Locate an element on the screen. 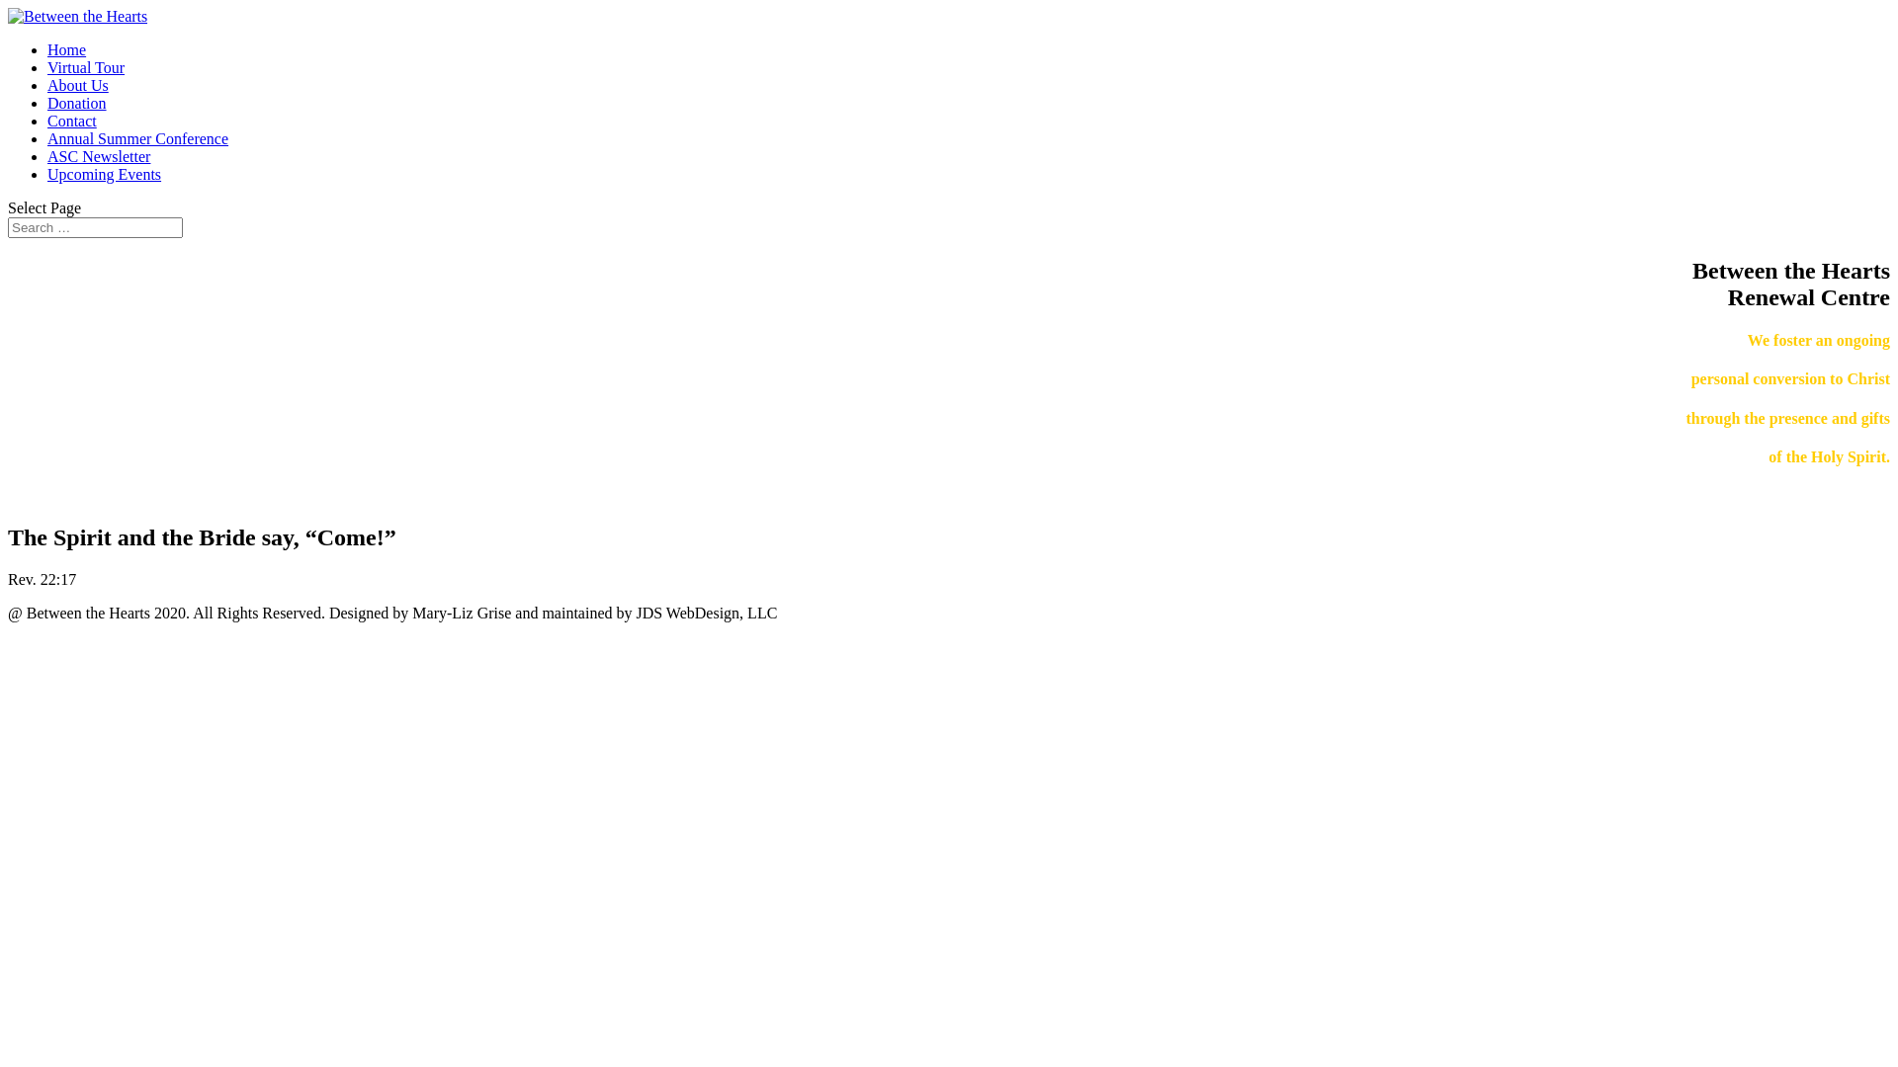 The height and width of the screenshot is (1067, 1898). 'Virtual Tour' is located at coordinates (47, 66).